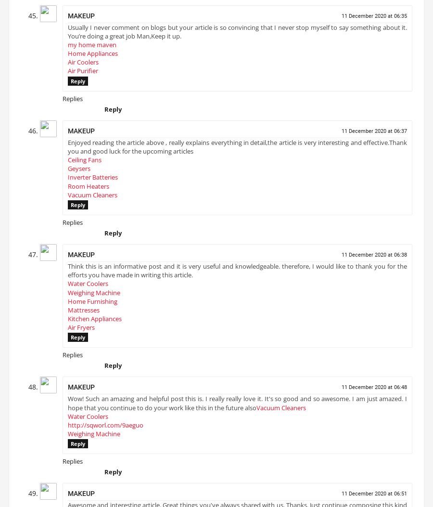 The width and height of the screenshot is (433, 507). Describe the element at coordinates (237, 273) in the screenshot. I see `'Think this is an informative post and it is very useful and knowledgeable. therefore, I would like to thank you for the efforts you have made in writing this article.'` at that location.